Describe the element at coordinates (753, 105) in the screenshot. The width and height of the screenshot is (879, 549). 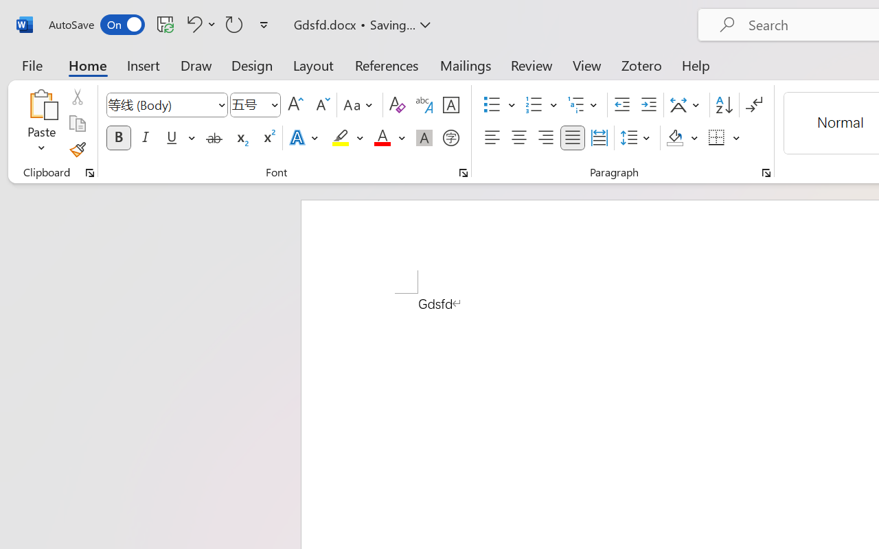
I see `'Show/Hide Editing Marks'` at that location.